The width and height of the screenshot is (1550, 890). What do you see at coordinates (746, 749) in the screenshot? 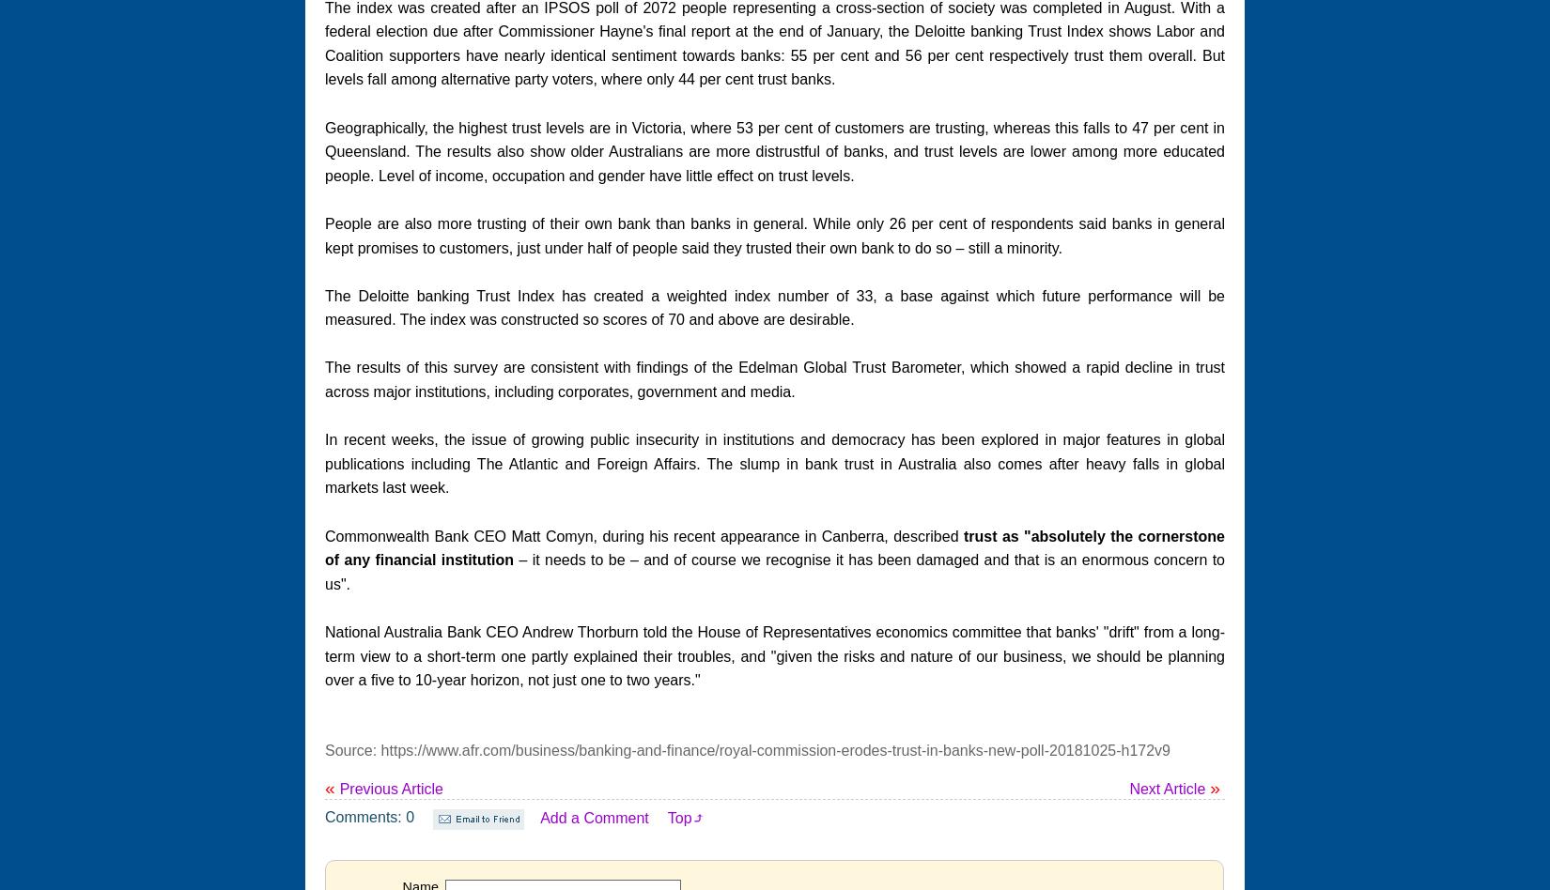
I see `'Source: https://www.afr.com/business/banking-and-finance/royal-commission-erodes-trust-in-banks-new-poll-20181025-h172v9'` at bounding box center [746, 749].